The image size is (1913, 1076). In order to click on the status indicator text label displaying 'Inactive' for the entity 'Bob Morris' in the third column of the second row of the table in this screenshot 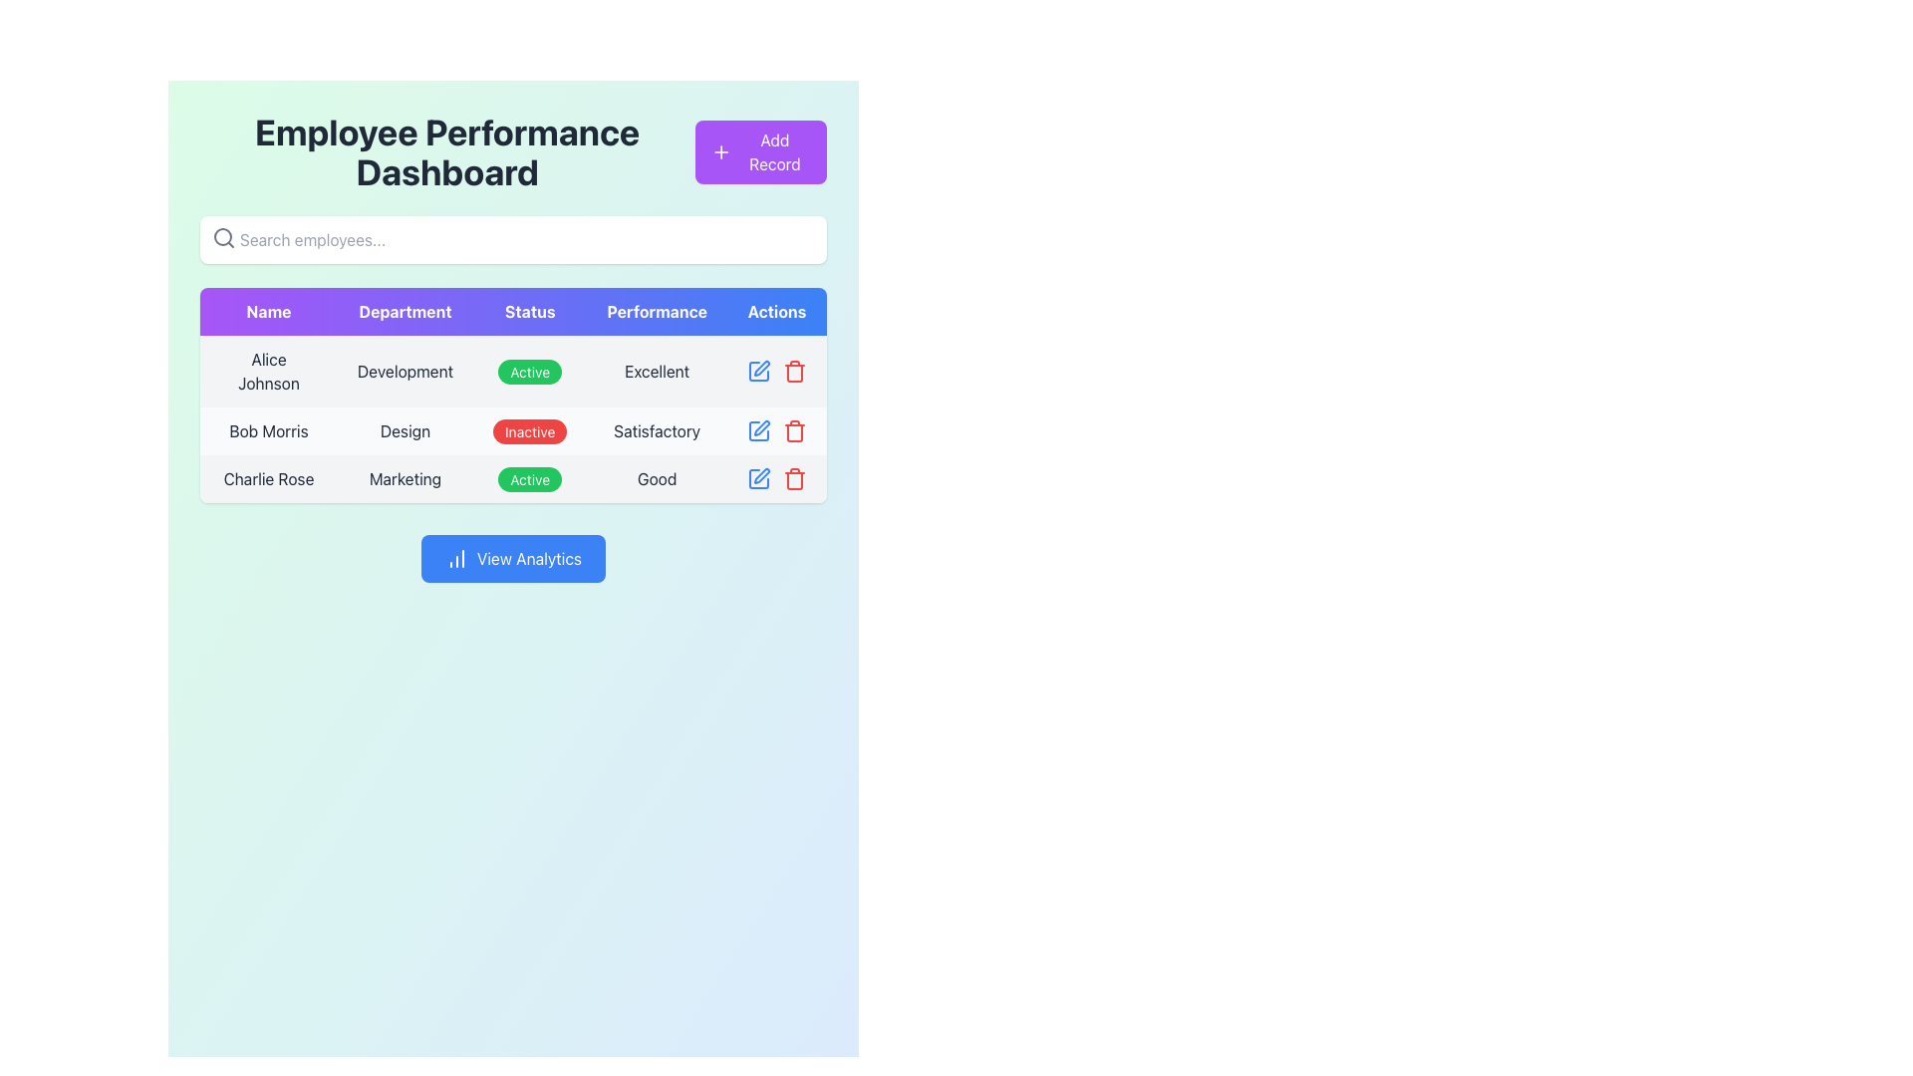, I will do `click(530, 429)`.